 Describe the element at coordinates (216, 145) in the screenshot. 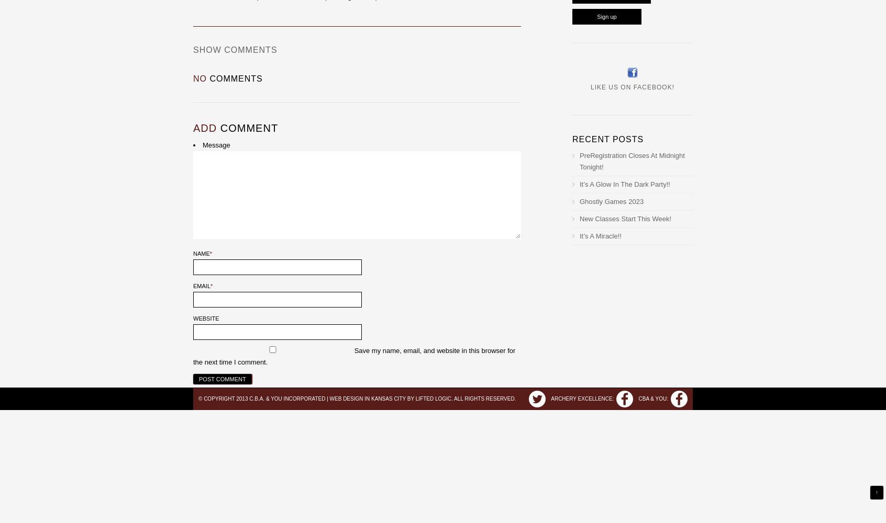

I see `'Message'` at that location.